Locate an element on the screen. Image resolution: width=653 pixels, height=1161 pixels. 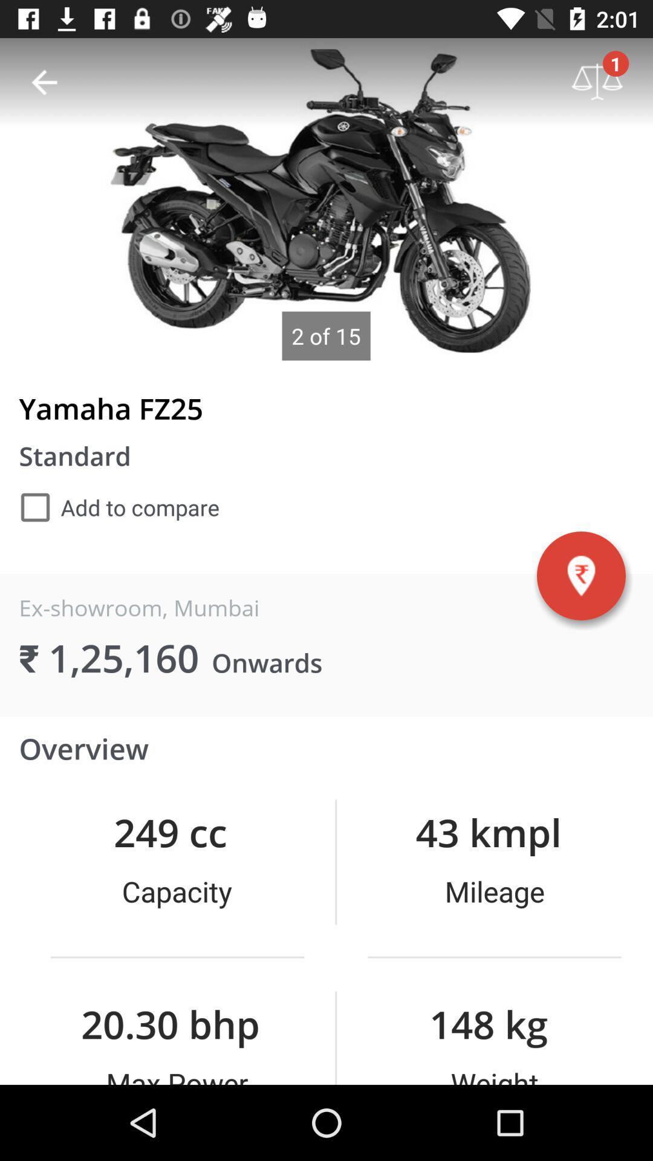
the location icon is located at coordinates (580, 575).